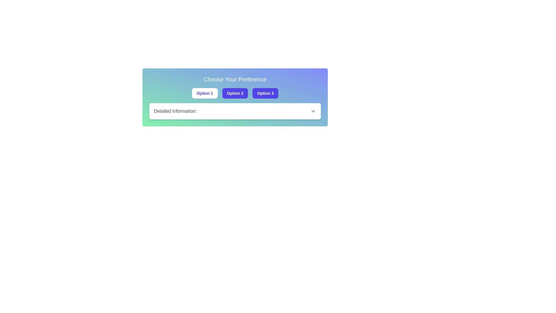 The image size is (556, 313). I want to click on the button labeled 'Option 3' with rounded corners and an indigo background to trigger any hover effects, so click(265, 93).